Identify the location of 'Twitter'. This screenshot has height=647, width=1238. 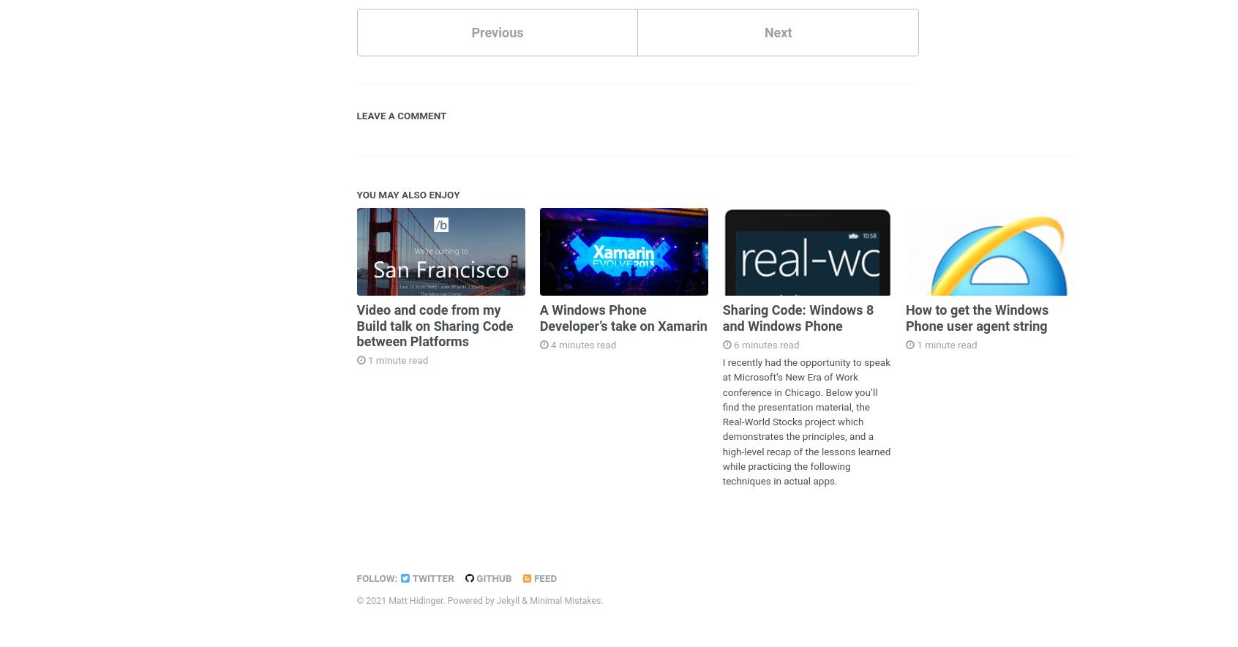
(431, 576).